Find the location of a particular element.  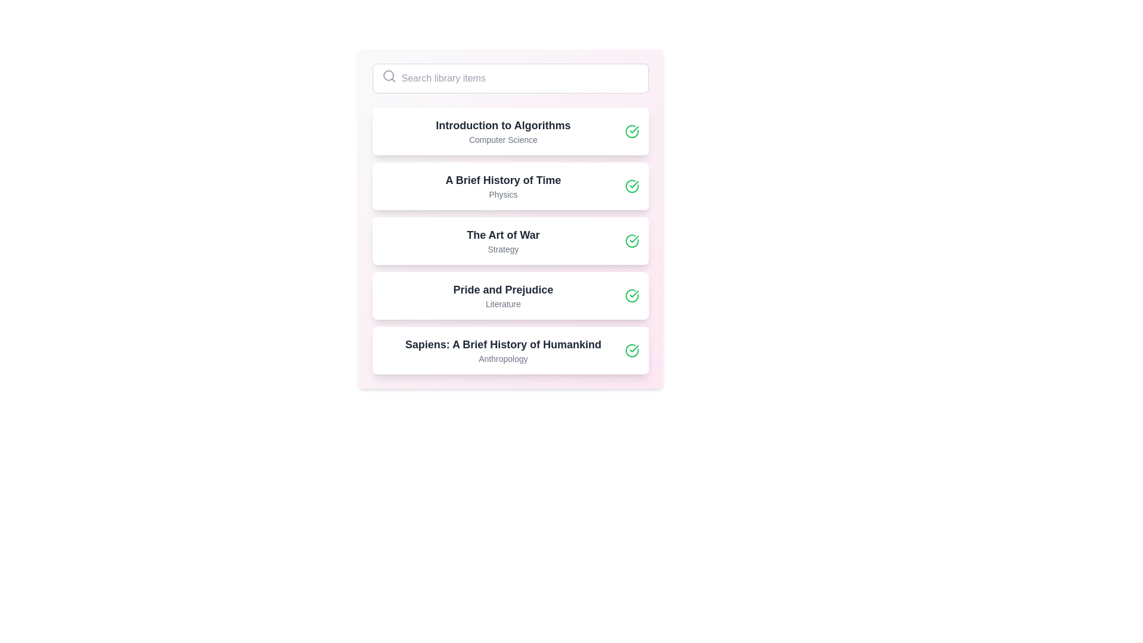

the informational display block for the book 'Pride and Prejudice' located in the vertical list of literature items, specifically positioned between 'The Art of War (Strategy)' and 'Sapiens: A Brief History of Humankind (Anthropology) is located at coordinates (510, 295).